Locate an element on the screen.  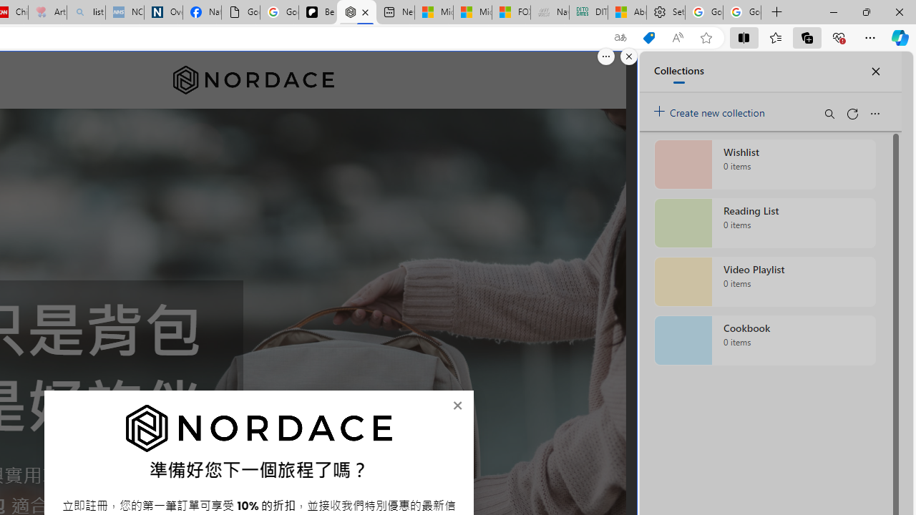
'Google Analytics Opt-out Browser Add-on Download Page' is located at coordinates (240, 12).